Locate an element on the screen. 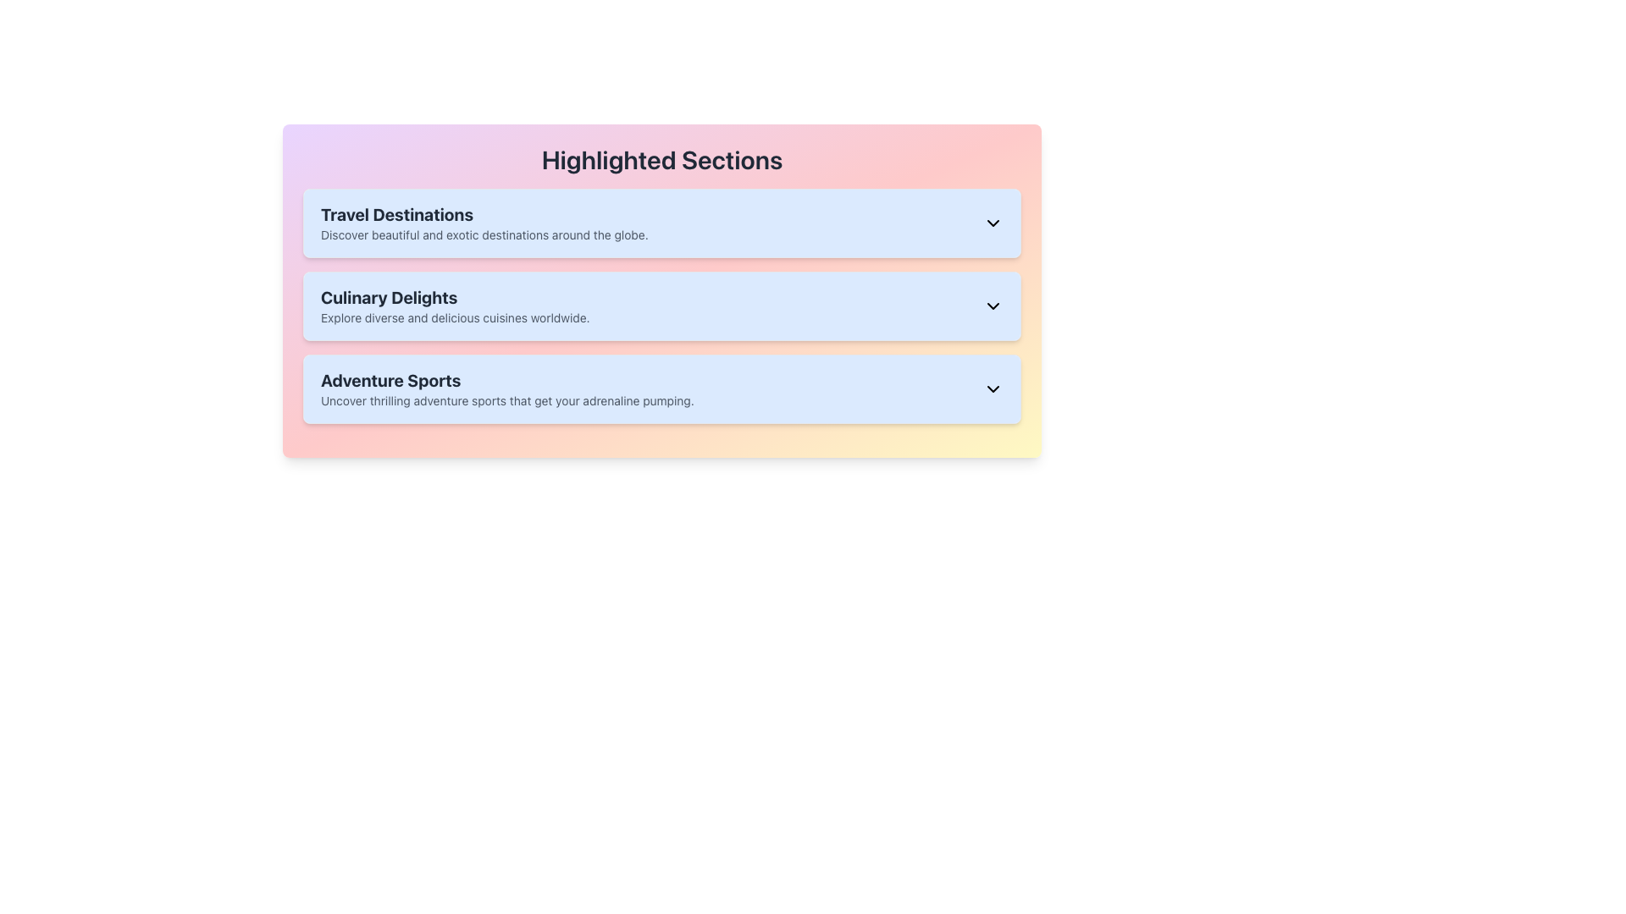  the description text element located below the title 'Adventure Sports' to provide context about the section's content is located at coordinates (506, 401).